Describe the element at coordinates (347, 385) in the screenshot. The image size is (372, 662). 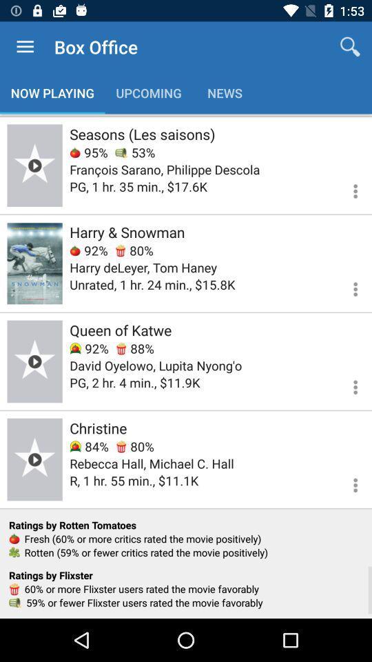
I see `more info` at that location.